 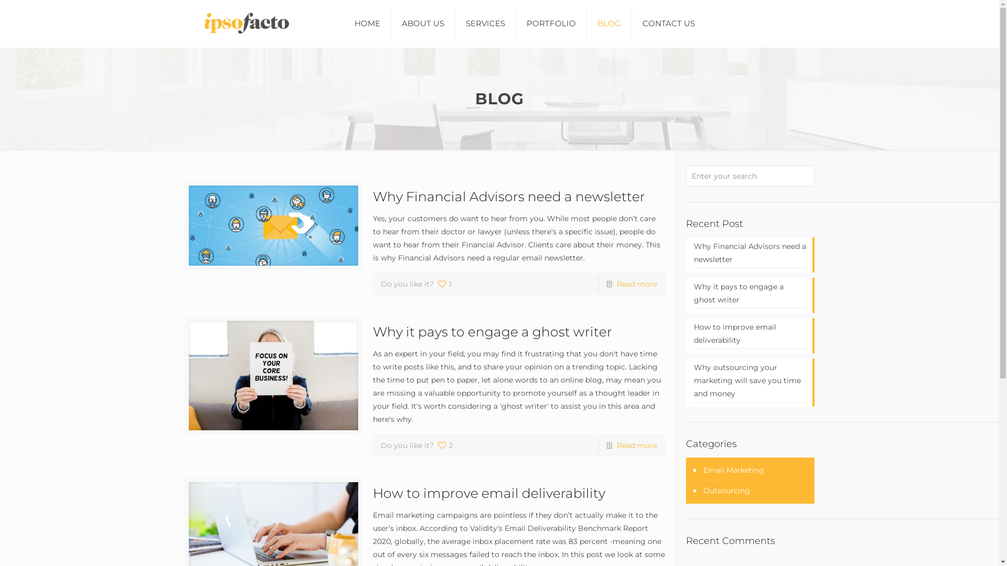 I want to click on 'PORTFOLIO', so click(x=551, y=24).